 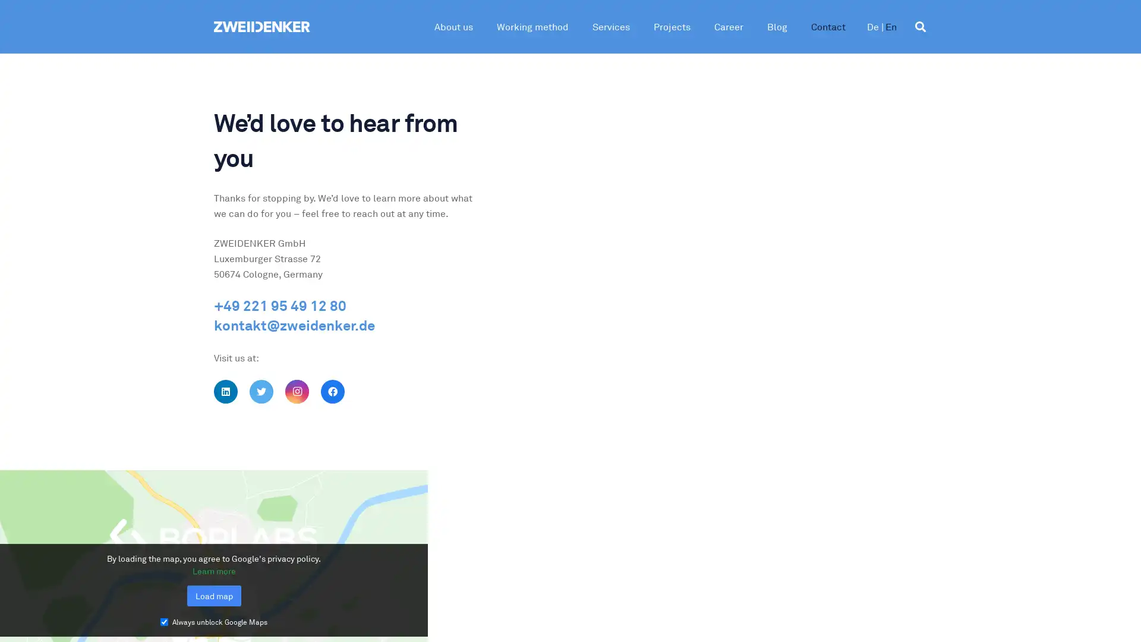 What do you see at coordinates (213, 596) in the screenshot?
I see `Load map` at bounding box center [213, 596].